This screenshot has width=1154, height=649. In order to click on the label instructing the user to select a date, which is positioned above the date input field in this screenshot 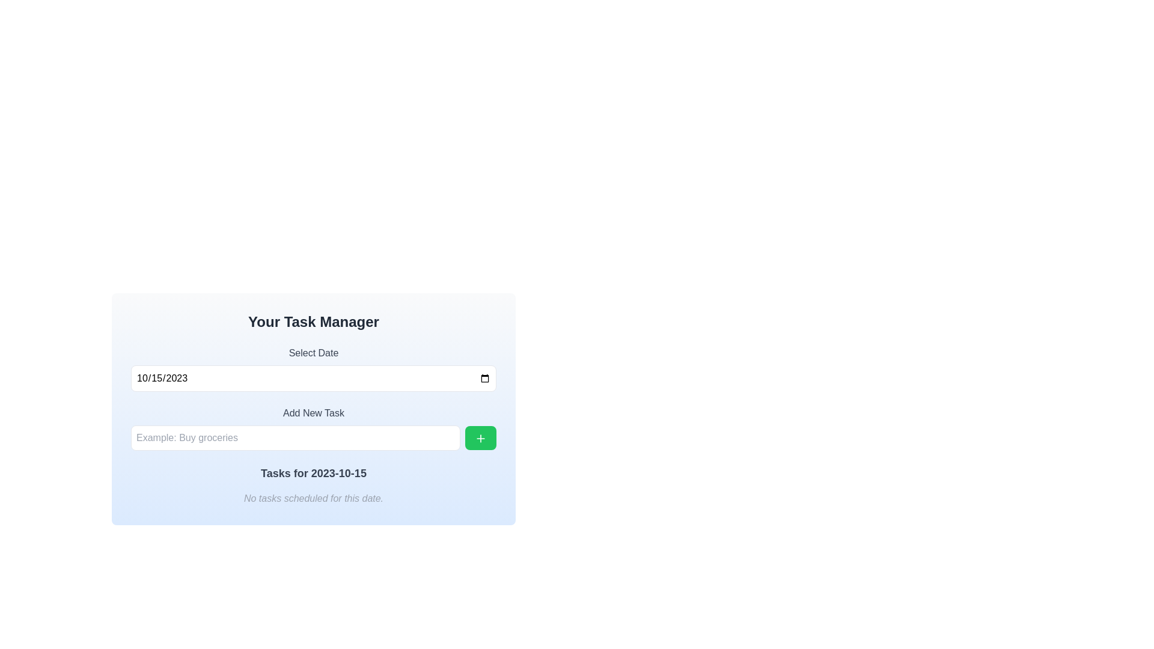, I will do `click(314, 352)`.